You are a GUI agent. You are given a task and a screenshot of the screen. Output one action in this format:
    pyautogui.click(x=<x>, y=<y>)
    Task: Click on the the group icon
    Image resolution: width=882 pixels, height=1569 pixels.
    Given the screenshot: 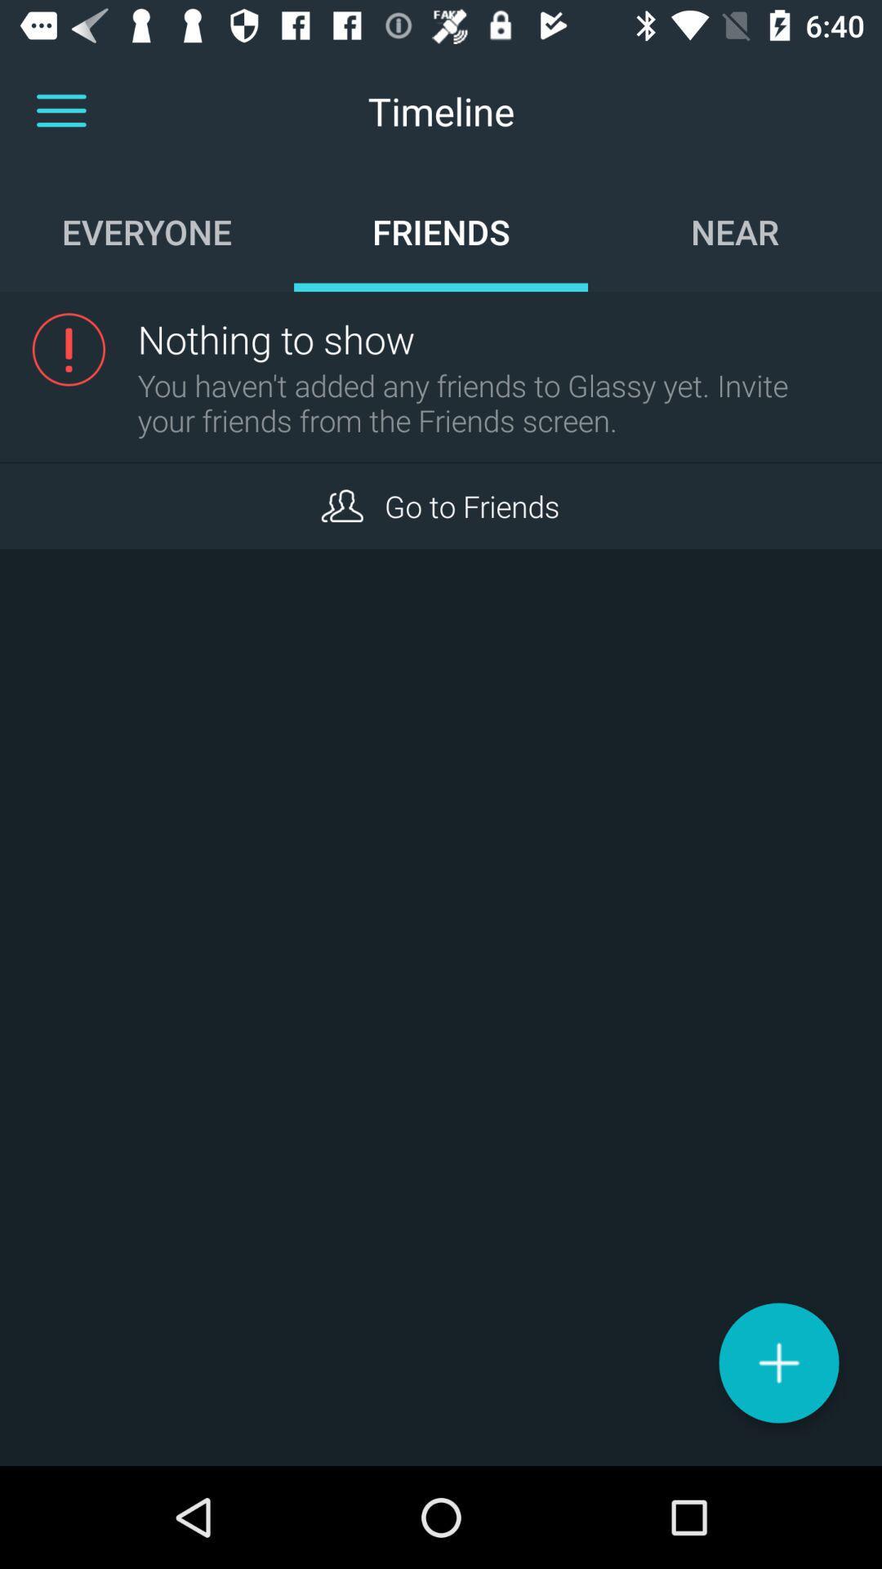 What is the action you would take?
    pyautogui.click(x=341, y=505)
    